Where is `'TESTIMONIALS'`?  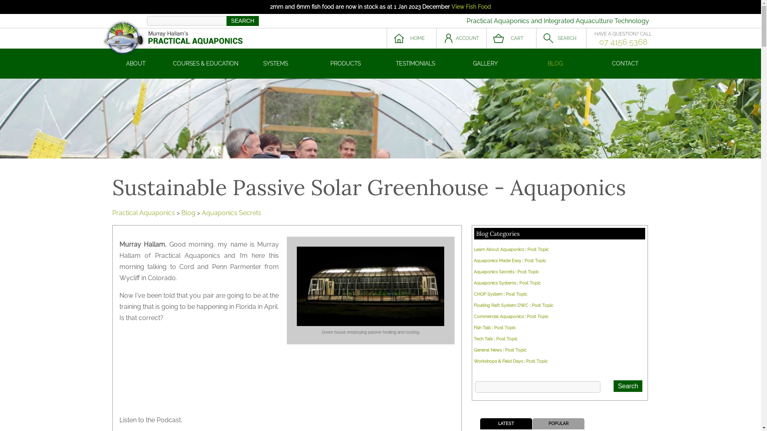 'TESTIMONIALS' is located at coordinates (415, 63).